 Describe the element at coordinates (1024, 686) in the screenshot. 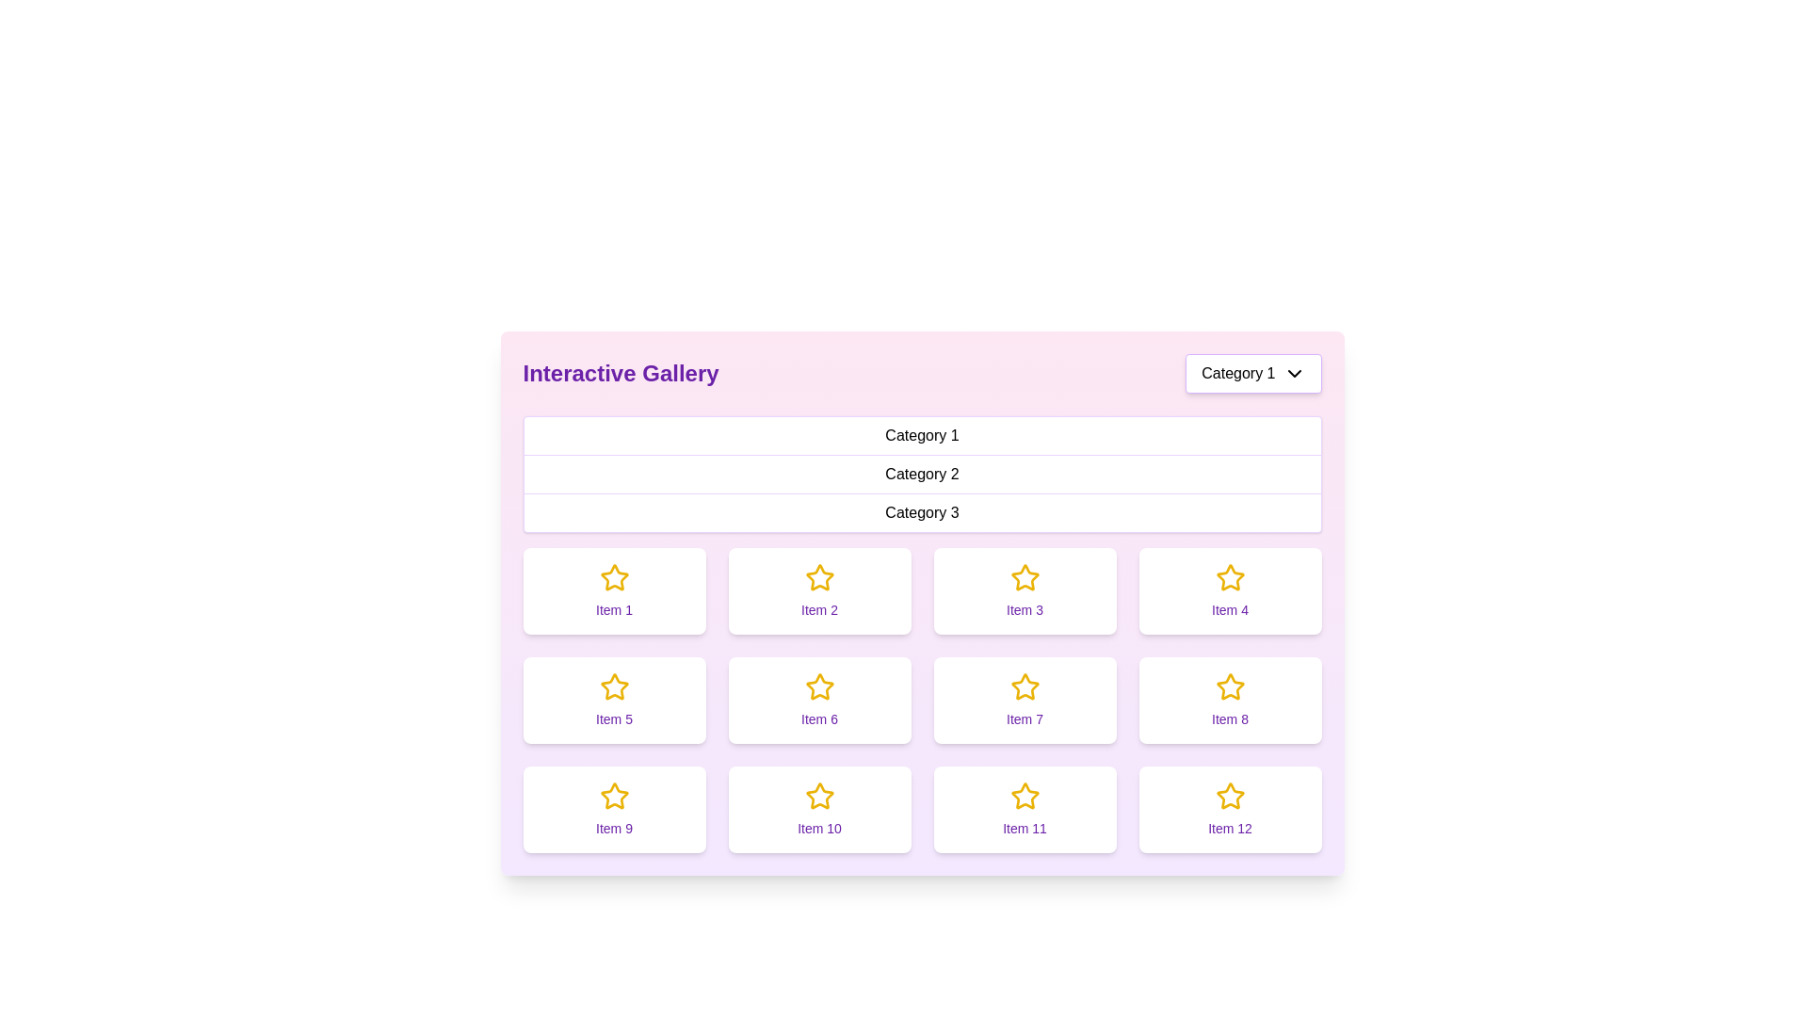

I see `the yellow outlined star button located in the second row, third column of the interactive gallery grid under the label 'Item 7' to interact with it` at that location.